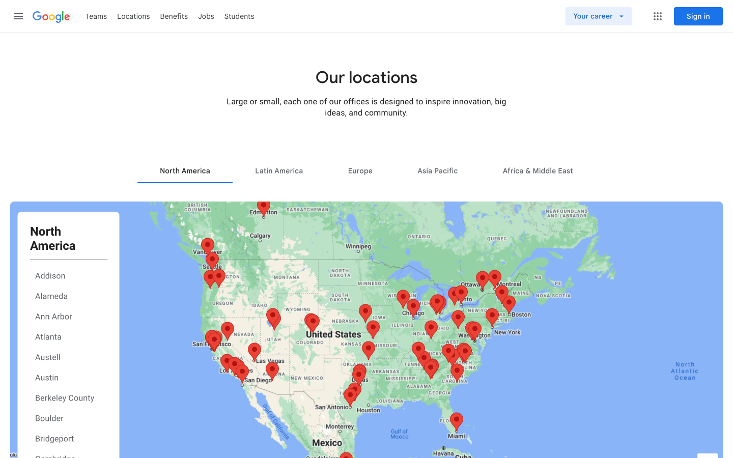  I want to click on View Benefits section, so click(174, 15).